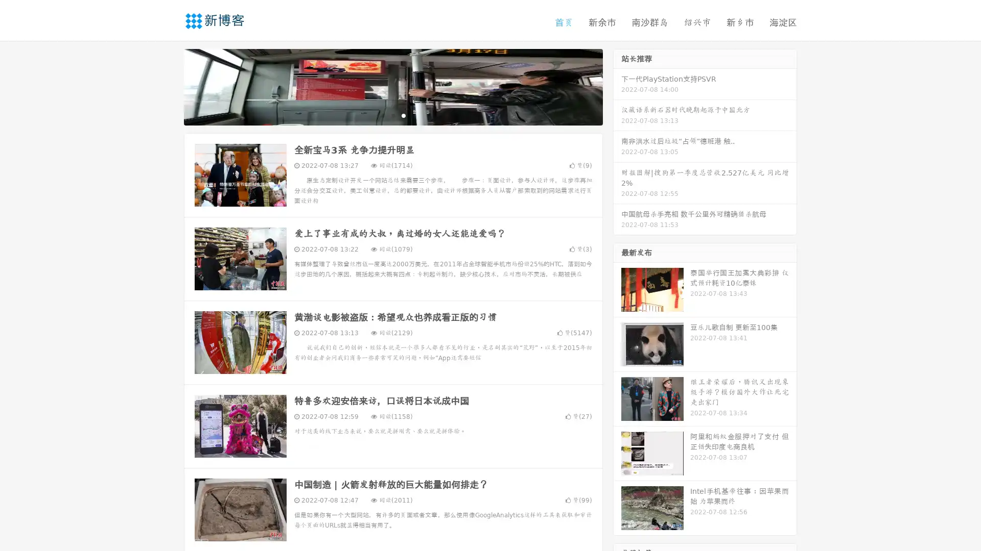 The width and height of the screenshot is (981, 551). What do you see at coordinates (403, 115) in the screenshot?
I see `Go to slide 3` at bounding box center [403, 115].